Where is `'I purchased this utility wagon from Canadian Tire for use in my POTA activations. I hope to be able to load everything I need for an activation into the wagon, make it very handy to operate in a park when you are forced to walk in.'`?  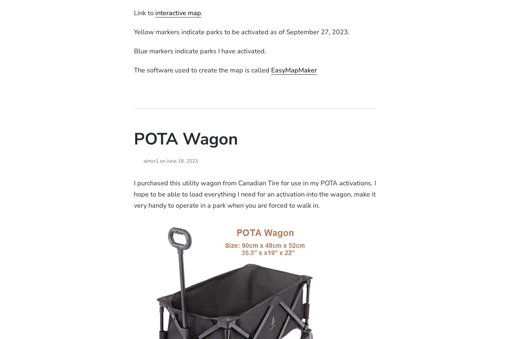
'I purchased this utility wagon from Canadian Tire for use in my POTA activations. I hope to be able to load everything I need for an activation into the wagon, make it very handy to operate in a park when you are forced to walk in.' is located at coordinates (133, 194).